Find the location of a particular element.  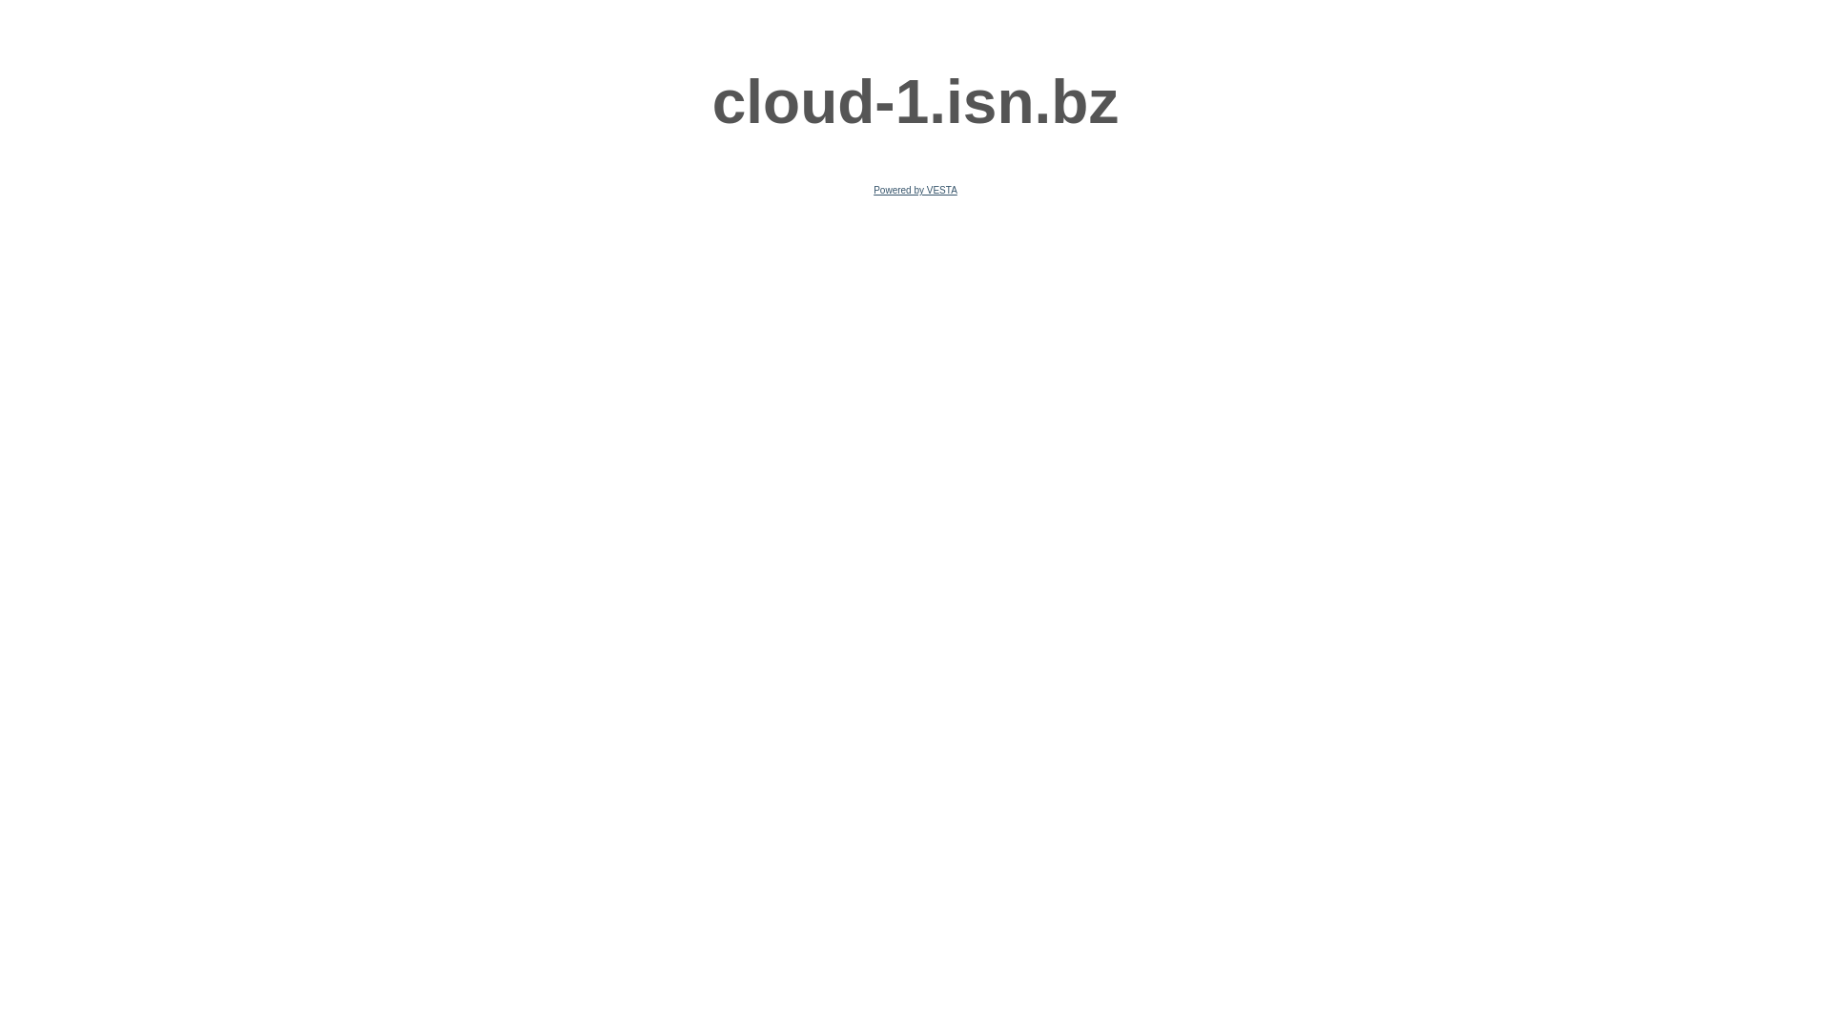

'Powered by VESTA' is located at coordinates (915, 190).